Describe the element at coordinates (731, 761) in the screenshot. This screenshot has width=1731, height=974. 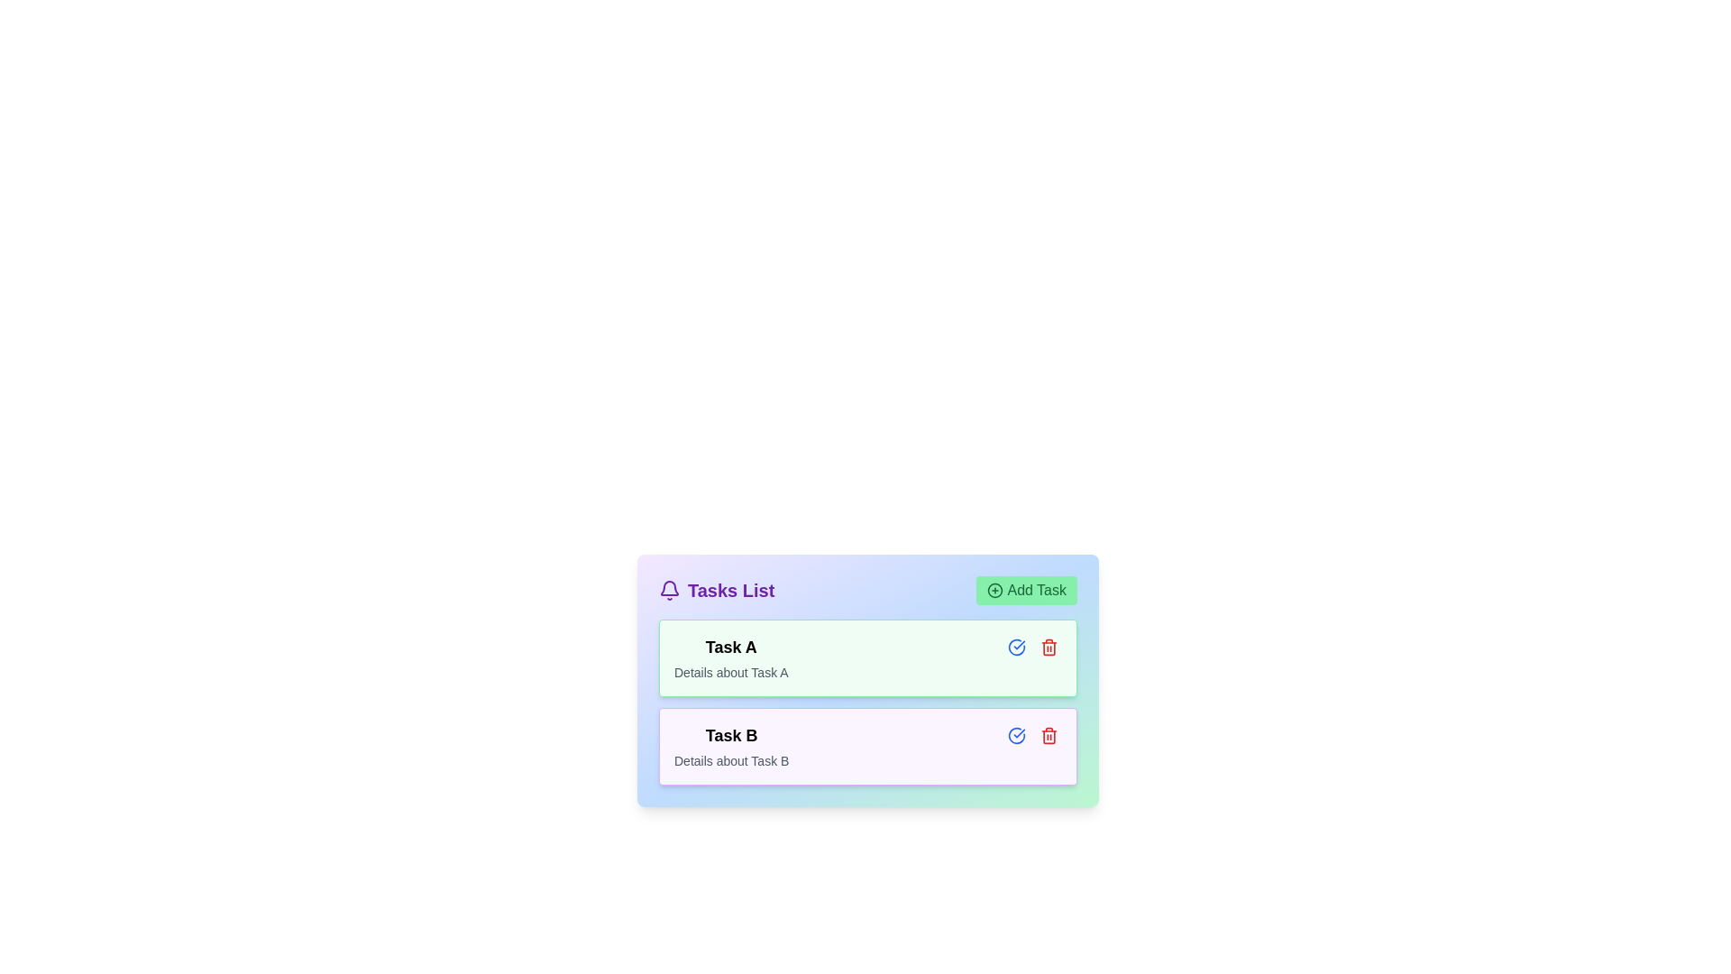
I see `the text label that provides additional descriptive information about 'Task B', located beneath its sibling element with the text 'Task B'` at that location.